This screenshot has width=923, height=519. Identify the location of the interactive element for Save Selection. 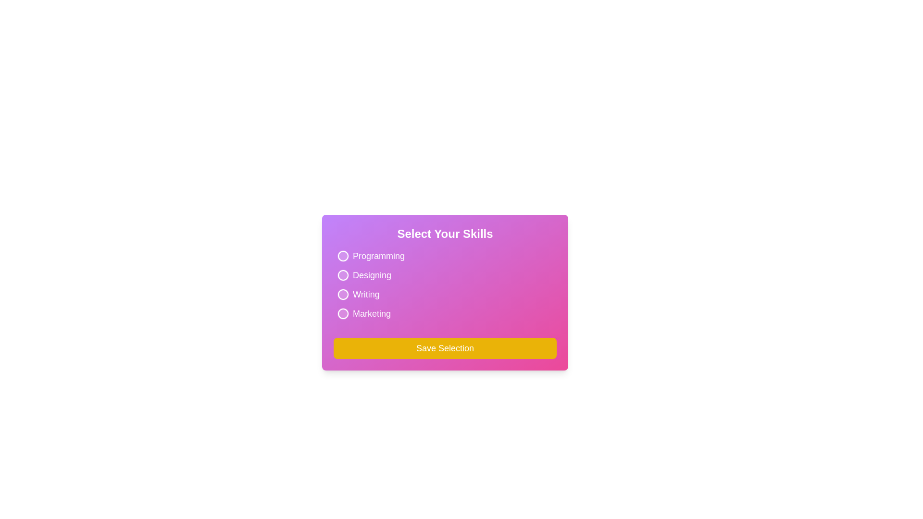
(445, 348).